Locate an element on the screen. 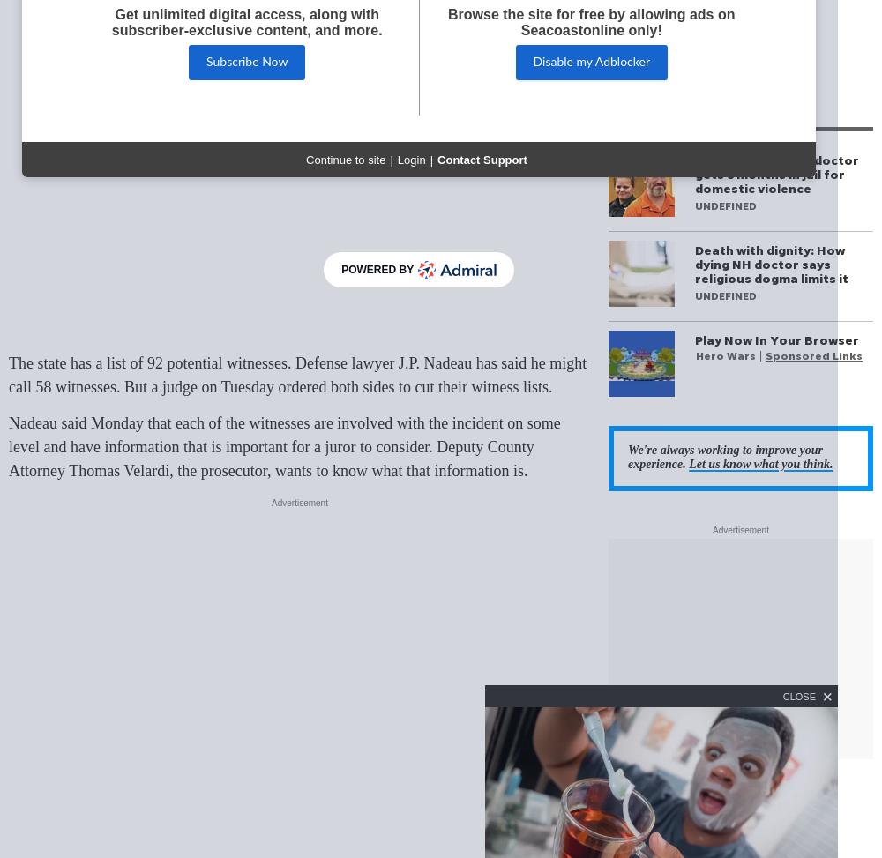 This screenshot has width=882, height=858. 'Subscribe Now' is located at coordinates (206, 62).